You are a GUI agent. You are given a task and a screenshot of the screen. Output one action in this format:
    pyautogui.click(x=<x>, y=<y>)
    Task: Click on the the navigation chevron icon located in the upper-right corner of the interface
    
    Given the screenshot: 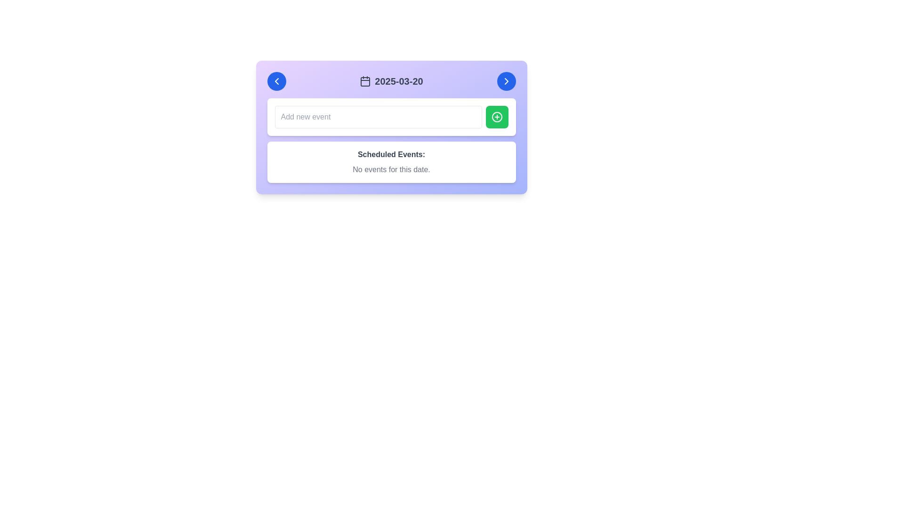 What is the action you would take?
    pyautogui.click(x=506, y=81)
    